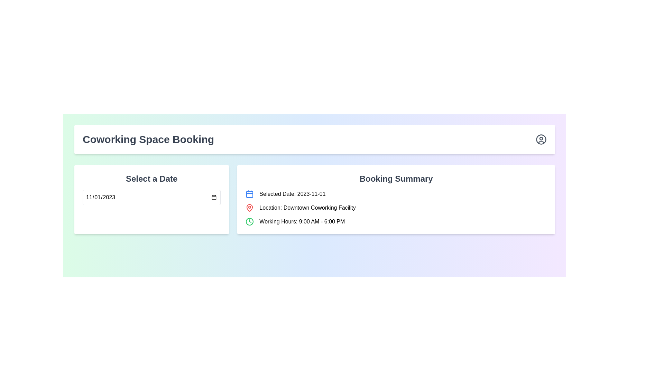  What do you see at coordinates (249, 194) in the screenshot?
I see `the blue calendar icon that symbolizes a date, positioned to the left of the 'Selected Date: 2023-11-01' text in the 'Booking Summary' card` at bounding box center [249, 194].